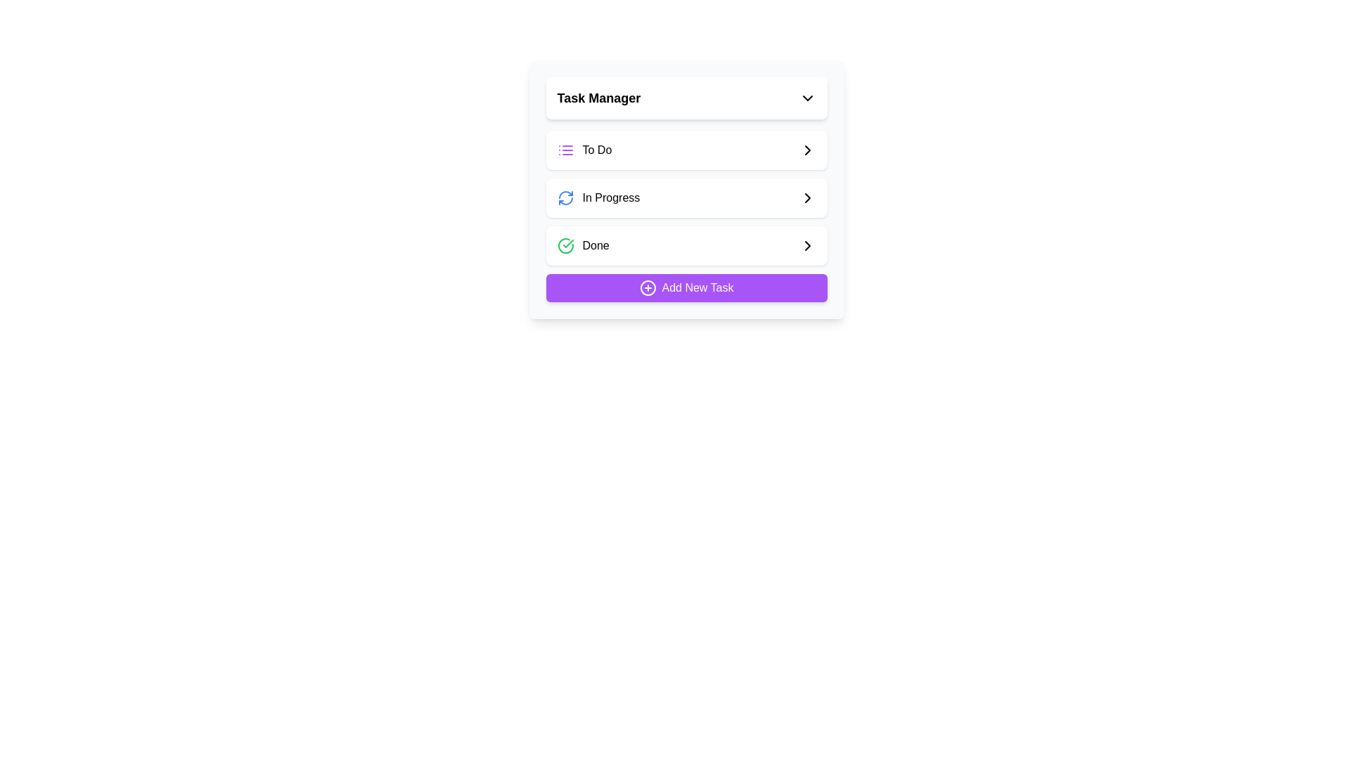  Describe the element at coordinates (686, 197) in the screenshot. I see `text or icon of the second item in the vertical list of task categories, which indicates tasks currently in progress` at that location.